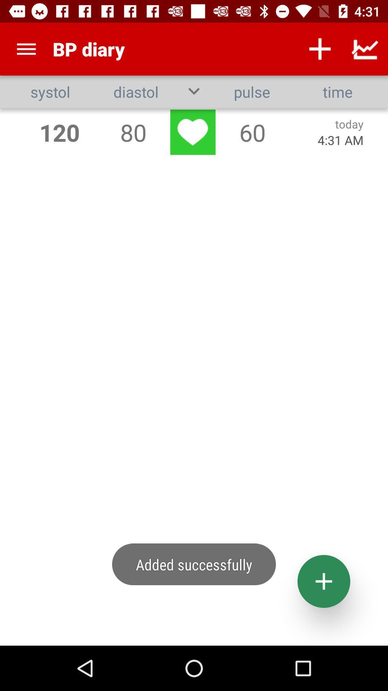  What do you see at coordinates (59, 132) in the screenshot?
I see `the 120 app` at bounding box center [59, 132].